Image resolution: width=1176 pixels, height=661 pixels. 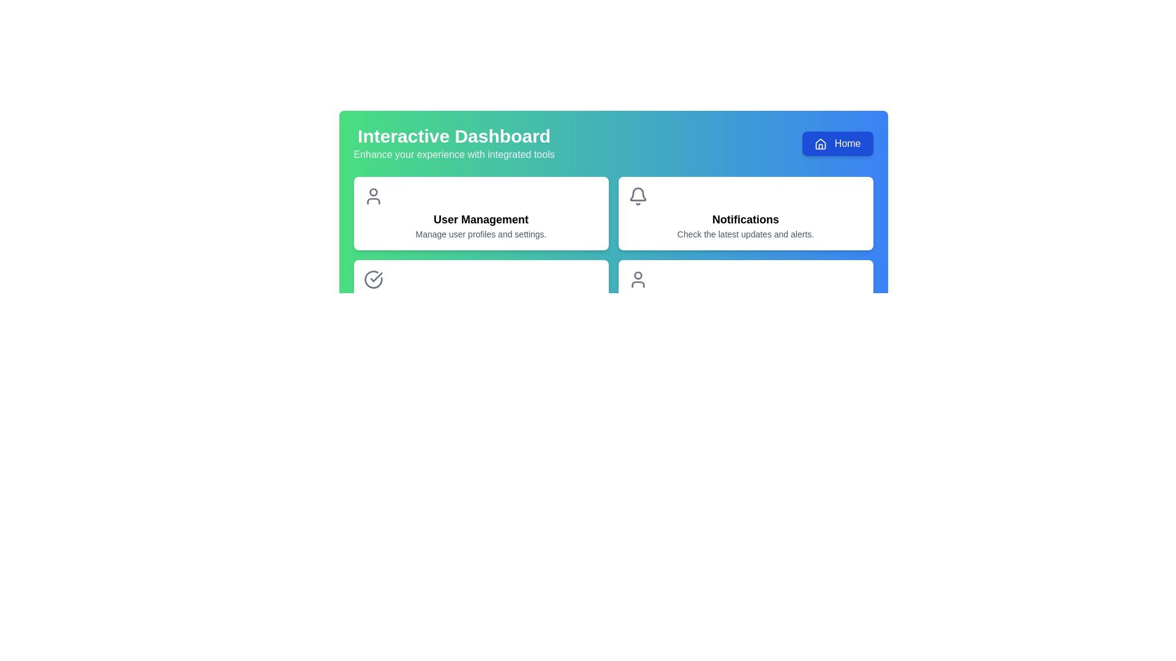 What do you see at coordinates (372, 279) in the screenshot?
I see `the circular gray icon with a checkmark symbol located in the top-left corner of the 'Task Completion' card widget` at bounding box center [372, 279].